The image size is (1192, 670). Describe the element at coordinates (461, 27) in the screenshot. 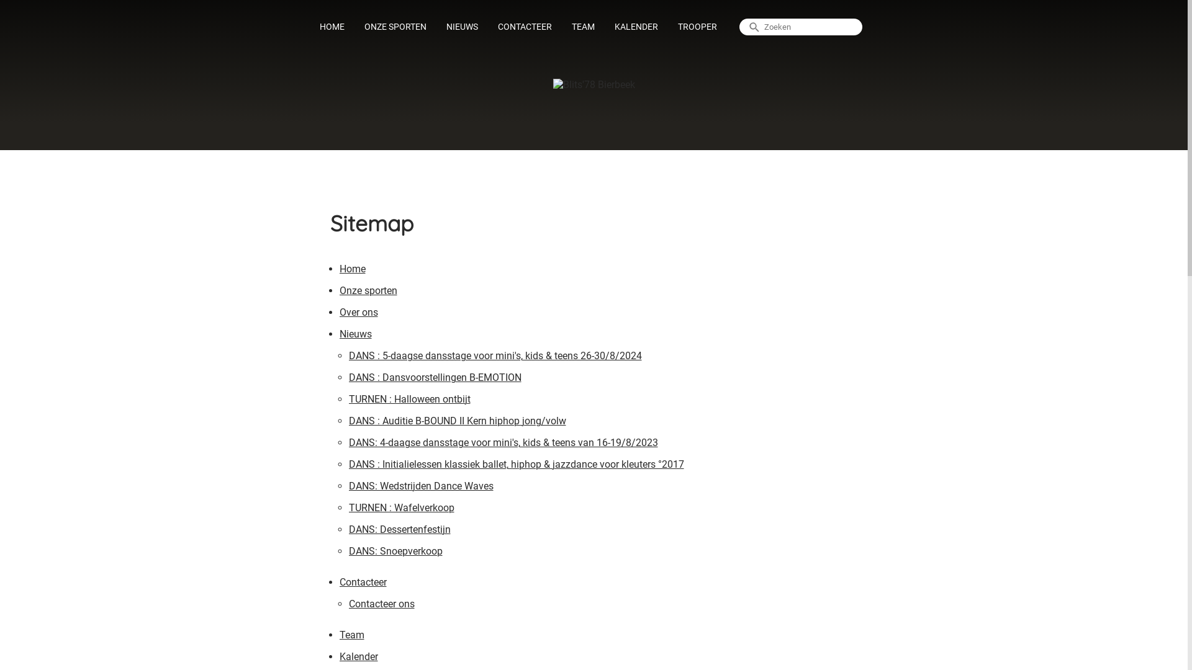

I see `'NIEUWS'` at that location.